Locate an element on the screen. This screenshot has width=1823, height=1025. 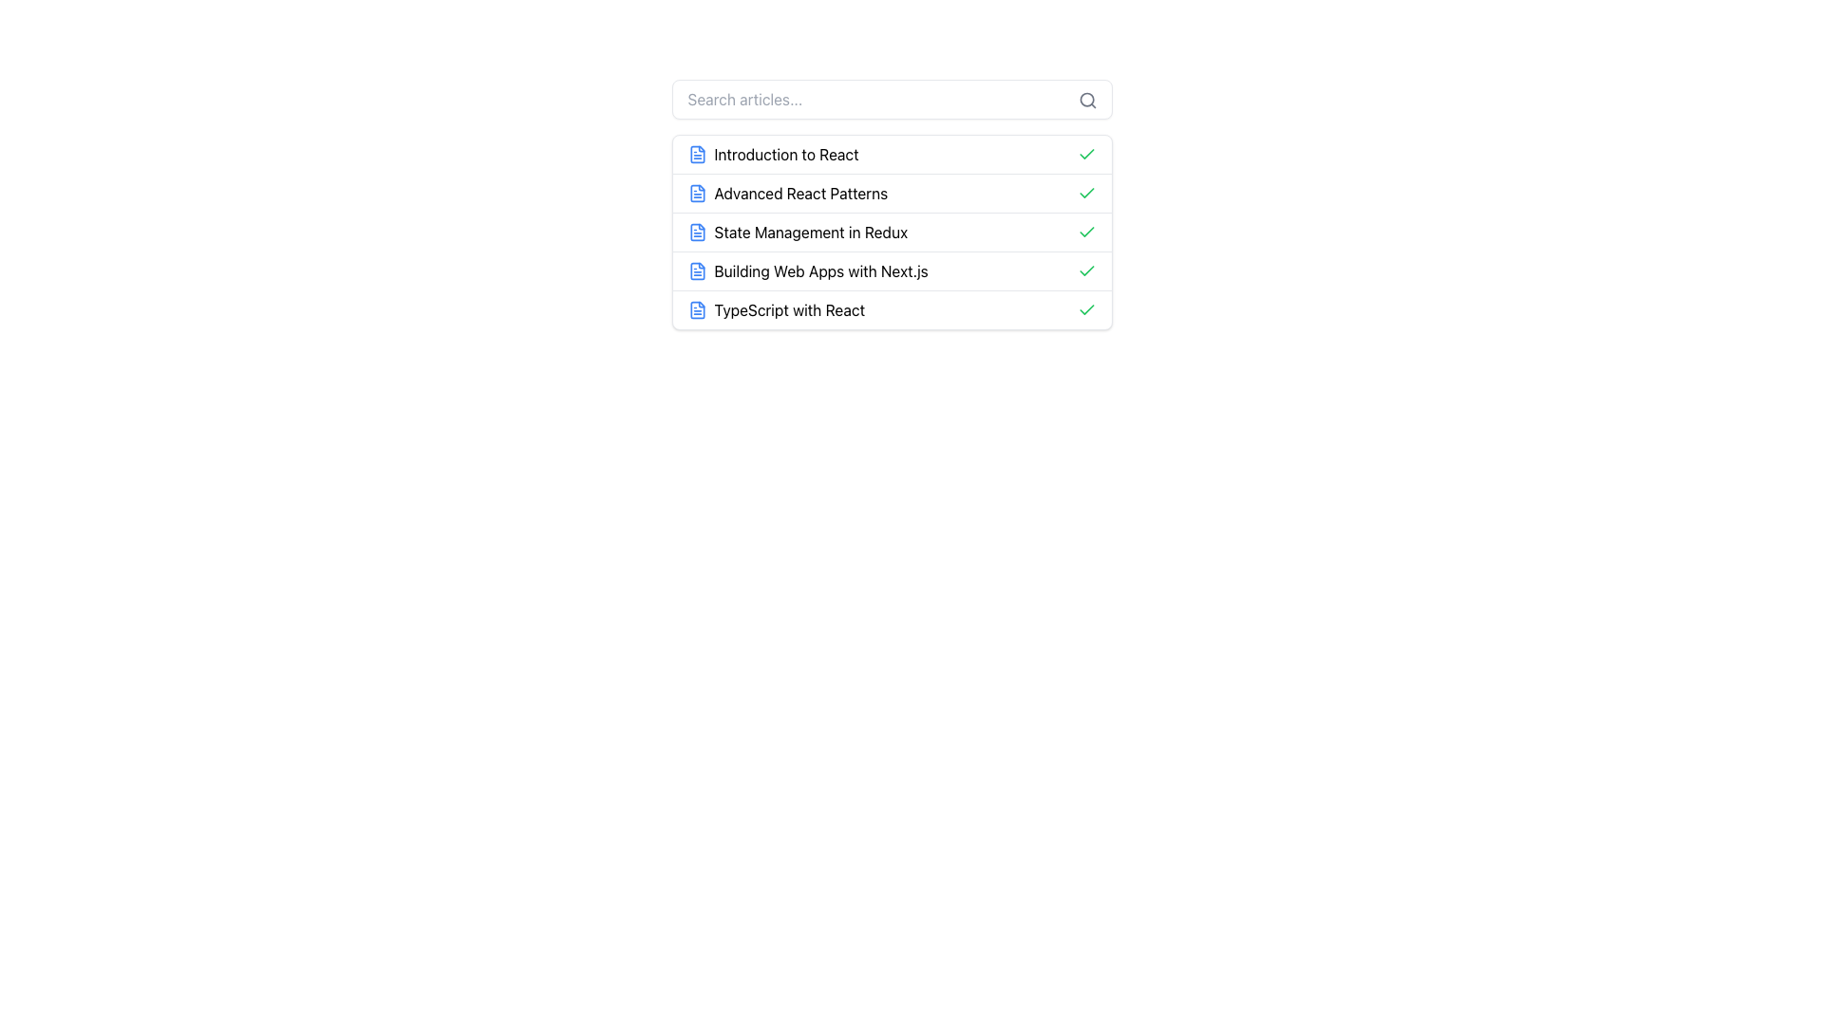
the search icon element, which is represented by a circle symbolizing a magnifying glass lens, located in the top right corner of the search bar is located at coordinates (1086, 100).